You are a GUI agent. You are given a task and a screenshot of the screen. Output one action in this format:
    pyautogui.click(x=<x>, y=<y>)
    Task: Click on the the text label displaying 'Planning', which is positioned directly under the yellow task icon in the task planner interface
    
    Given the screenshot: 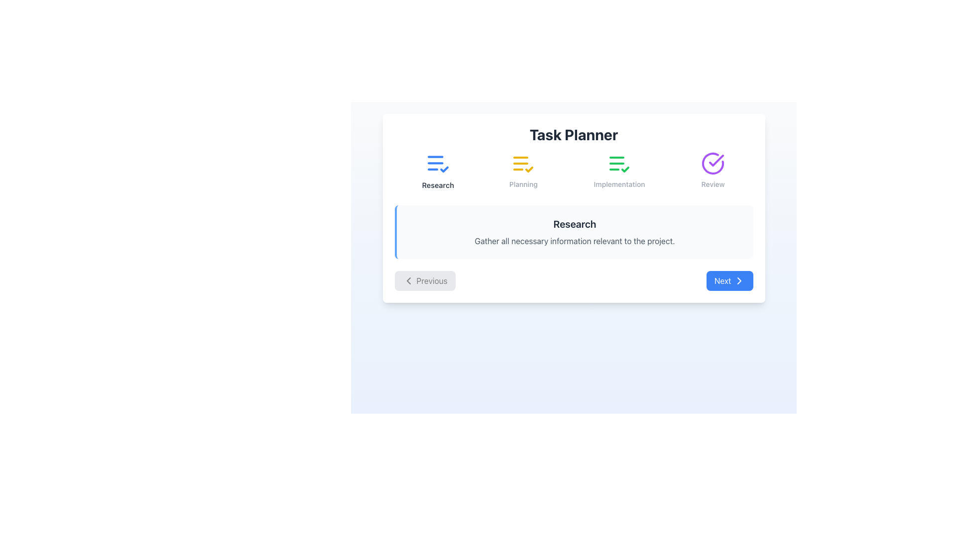 What is the action you would take?
    pyautogui.click(x=523, y=184)
    